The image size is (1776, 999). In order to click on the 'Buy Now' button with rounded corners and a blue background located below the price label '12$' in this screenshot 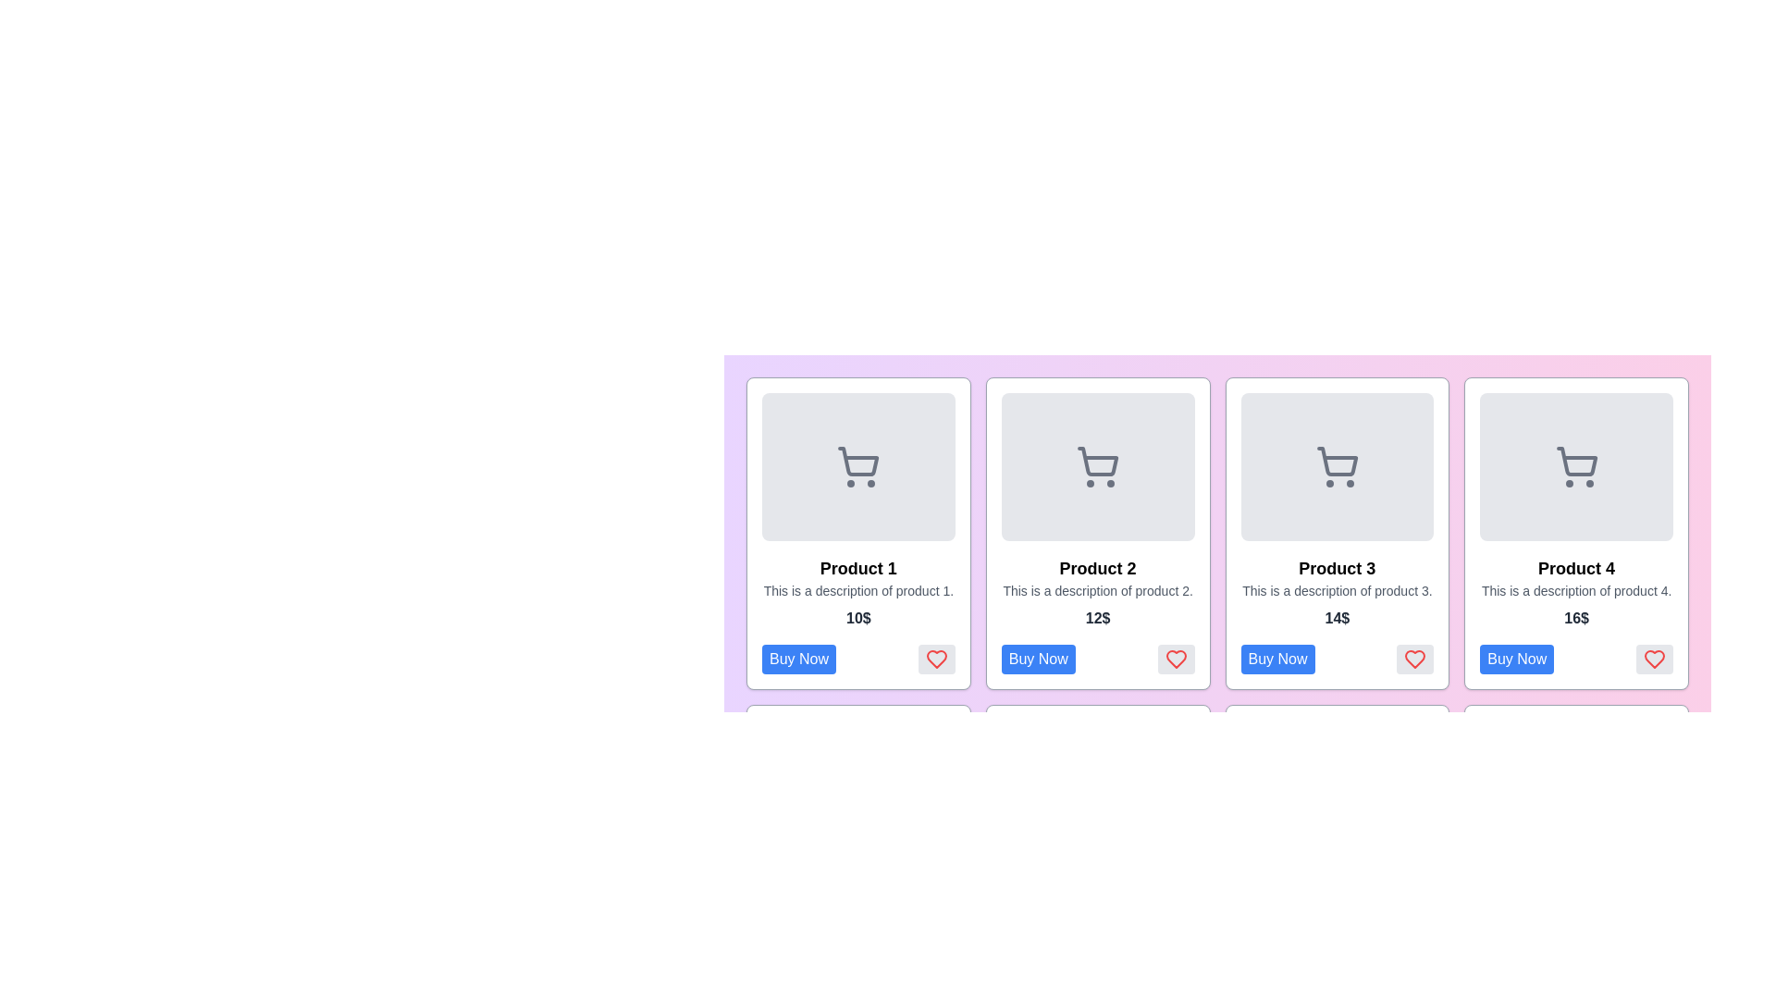, I will do `click(1038, 659)`.